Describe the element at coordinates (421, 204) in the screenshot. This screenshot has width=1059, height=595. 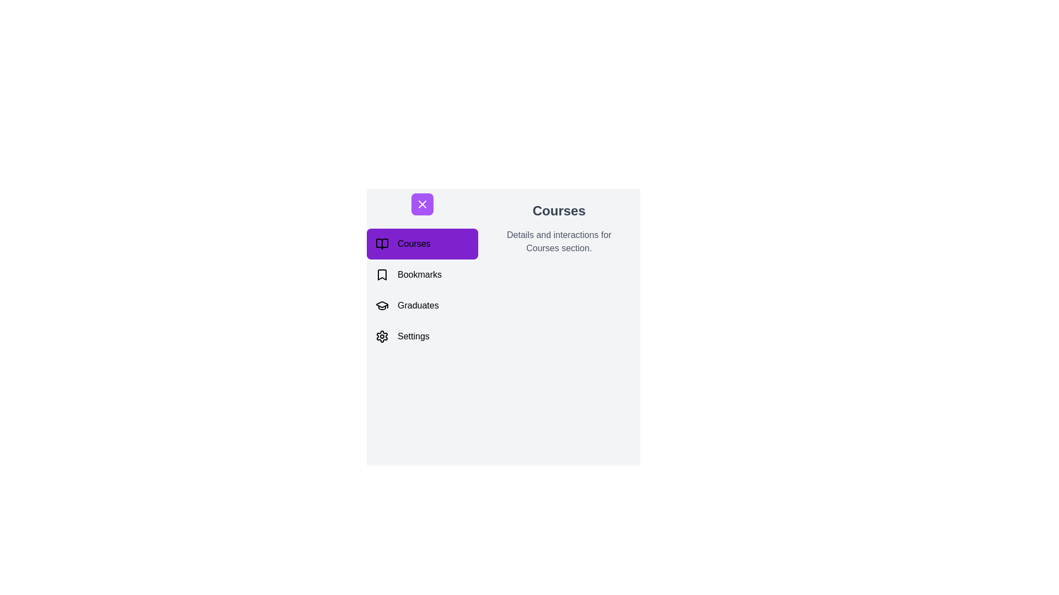
I see `the toggle button to open or close the drawer` at that location.